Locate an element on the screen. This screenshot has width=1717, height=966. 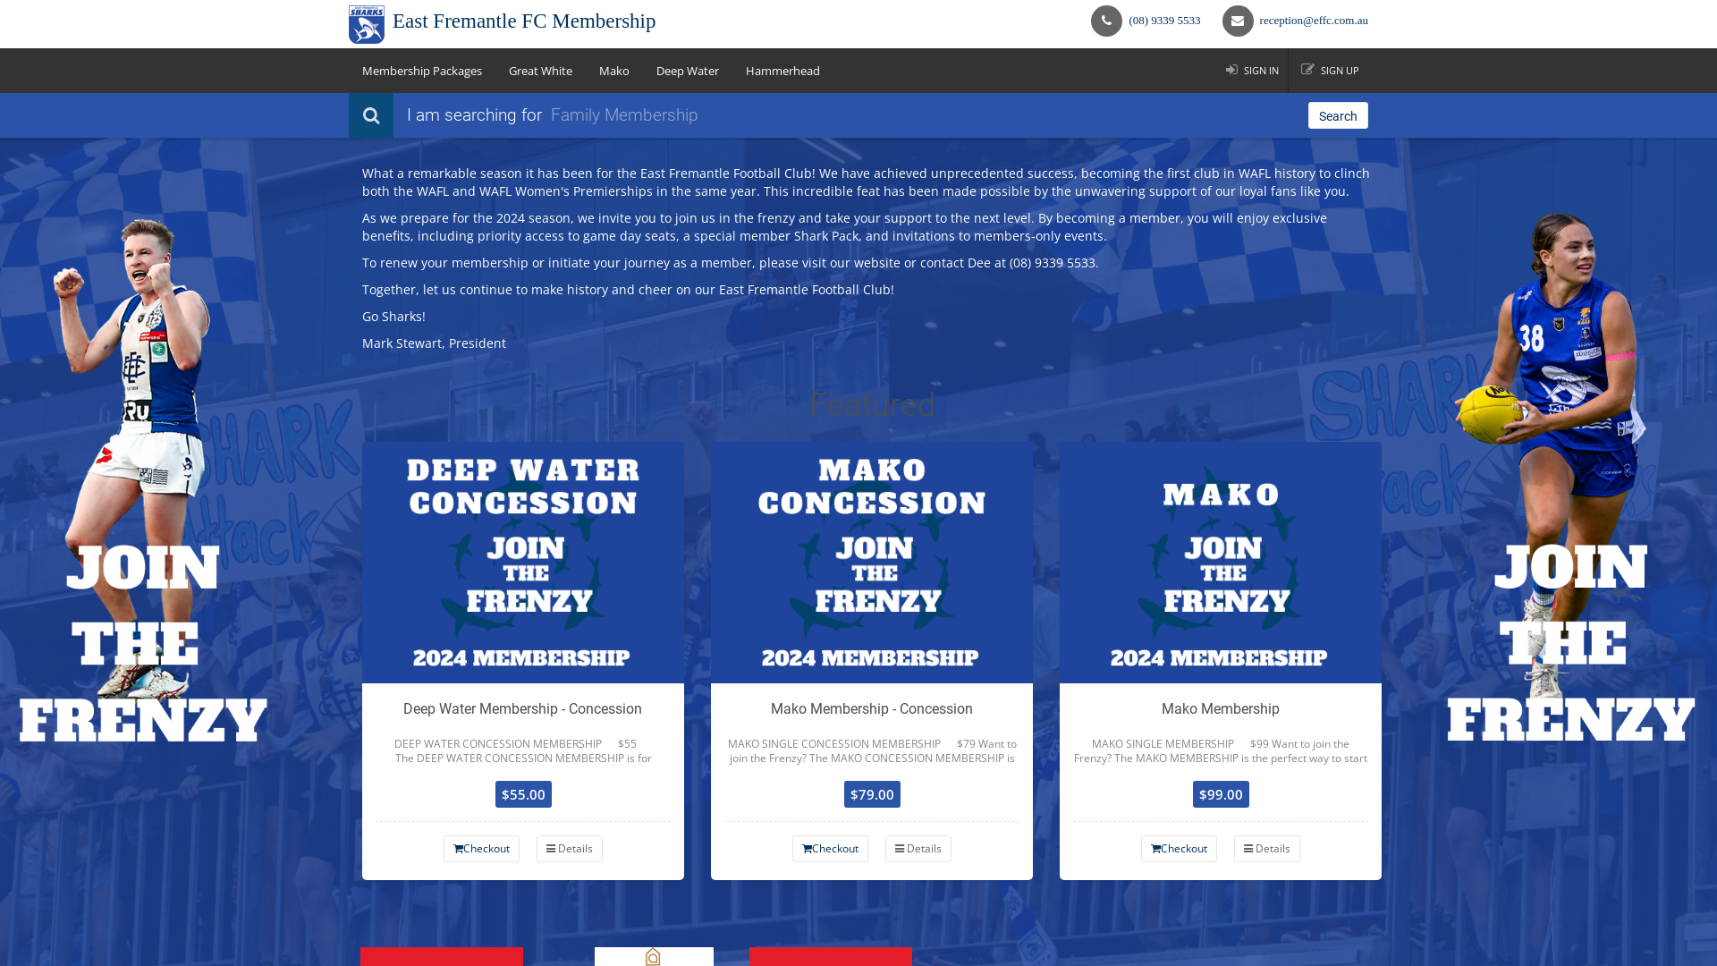
'East Fremantle FC Membership Logo' is located at coordinates (365, 24).